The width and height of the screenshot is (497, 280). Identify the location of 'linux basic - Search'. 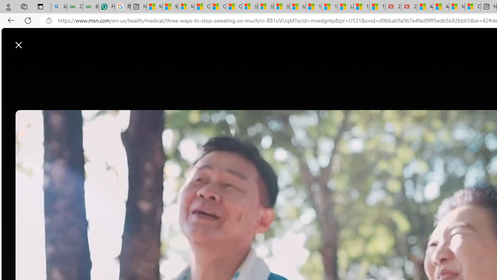
(58, 7).